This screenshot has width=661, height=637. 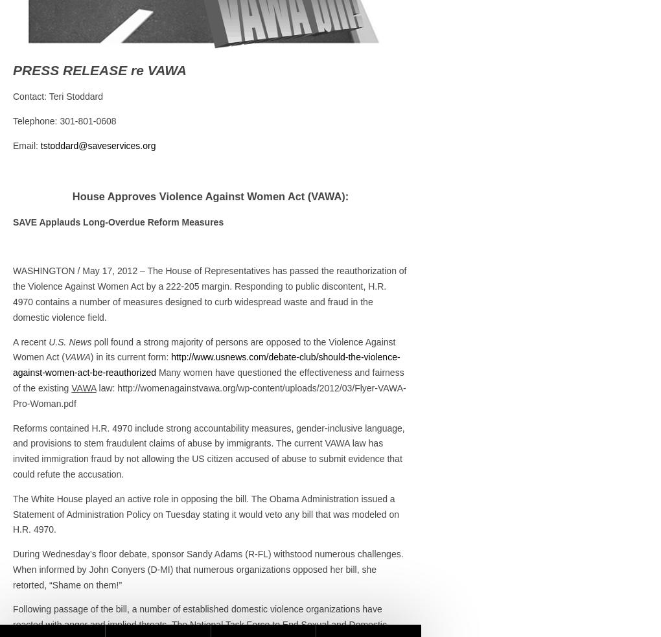 What do you see at coordinates (477, 174) in the screenshot?
I see `'Thomas James, Esq.'` at bounding box center [477, 174].